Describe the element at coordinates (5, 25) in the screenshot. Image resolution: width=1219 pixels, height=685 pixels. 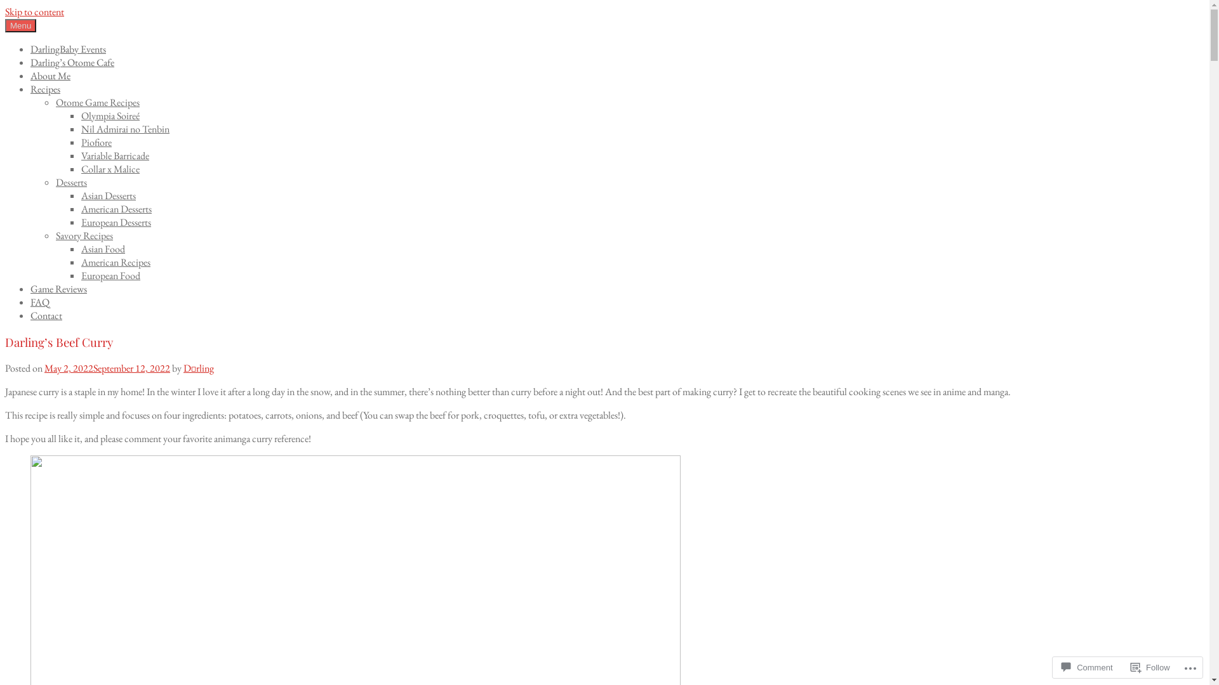
I see `'Menu'` at that location.